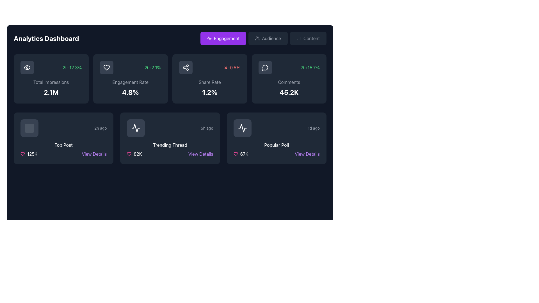 The width and height of the screenshot is (539, 303). What do you see at coordinates (271, 38) in the screenshot?
I see `the 'Audience' label, which is a light gray text in a dark gray navigation menu, positioned between 'Engagement' and 'Content'` at bounding box center [271, 38].